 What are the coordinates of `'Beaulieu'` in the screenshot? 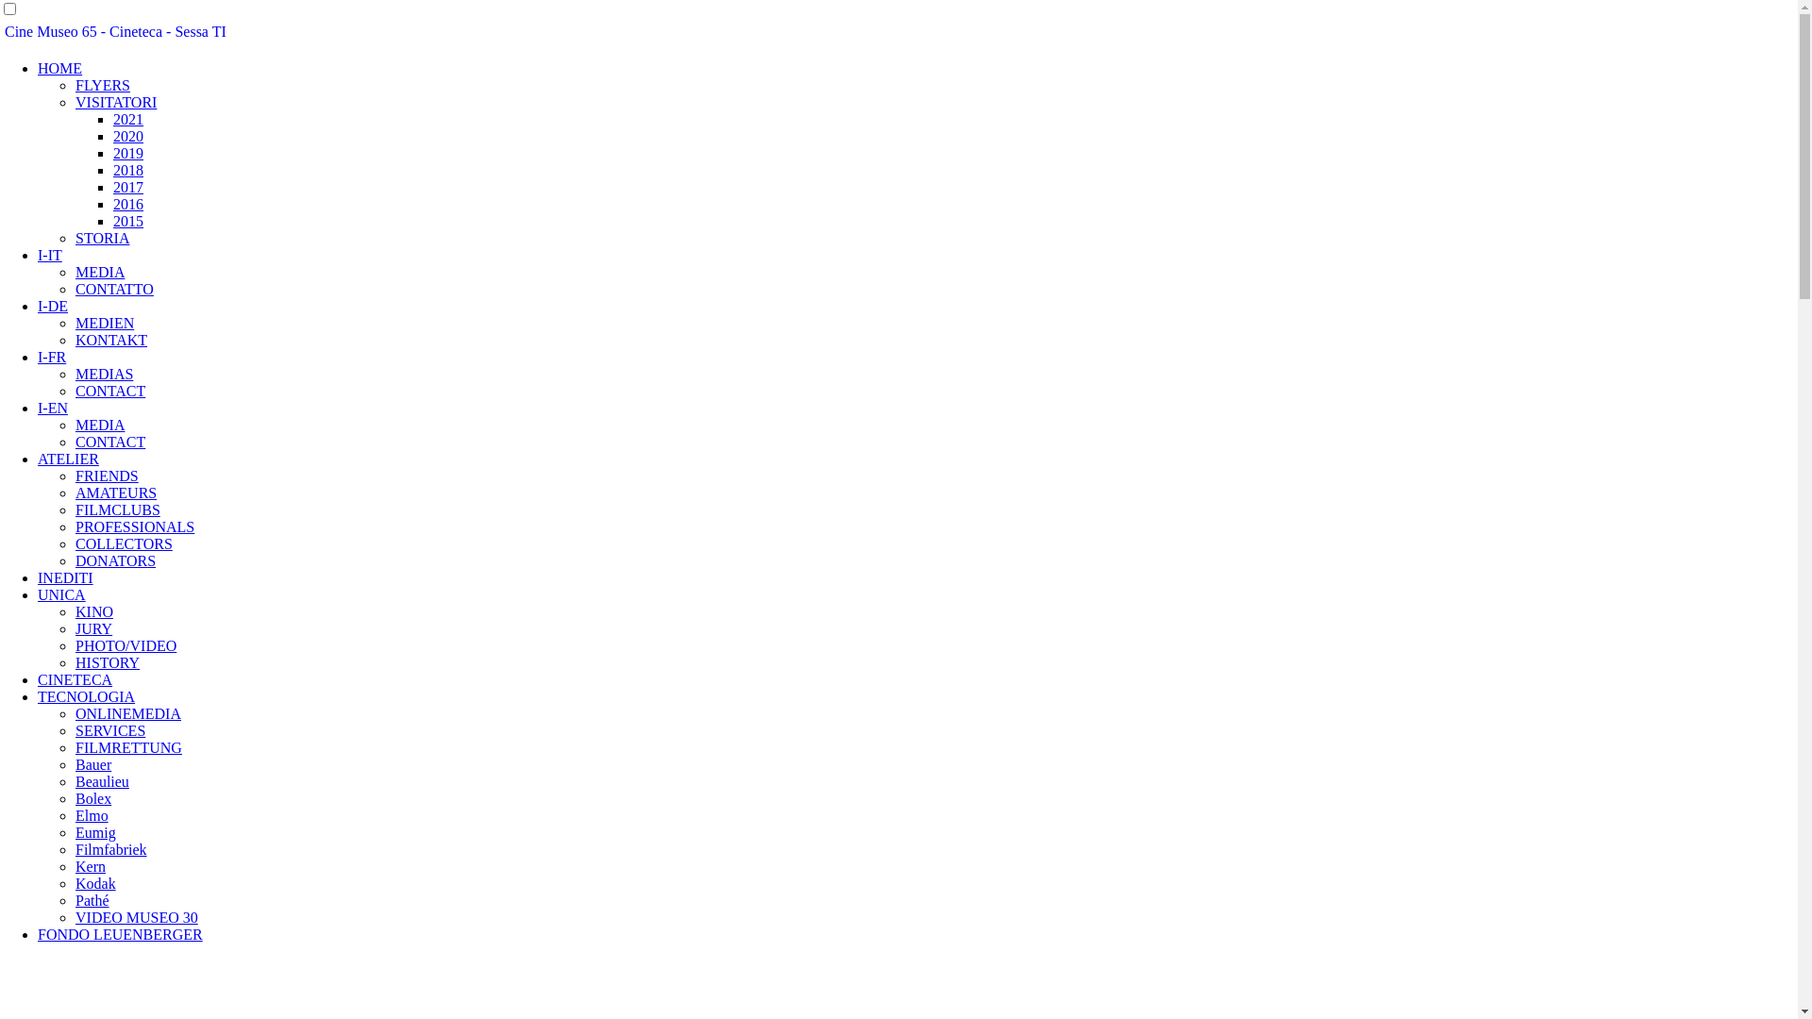 It's located at (101, 781).